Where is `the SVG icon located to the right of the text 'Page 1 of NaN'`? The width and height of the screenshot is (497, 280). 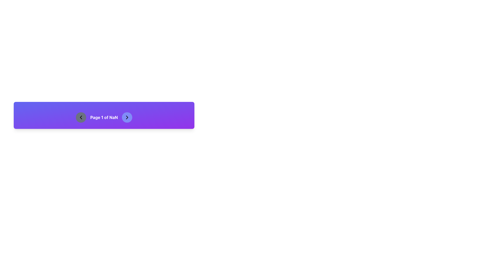
the SVG icon located to the right of the text 'Page 1 of NaN' is located at coordinates (127, 117).